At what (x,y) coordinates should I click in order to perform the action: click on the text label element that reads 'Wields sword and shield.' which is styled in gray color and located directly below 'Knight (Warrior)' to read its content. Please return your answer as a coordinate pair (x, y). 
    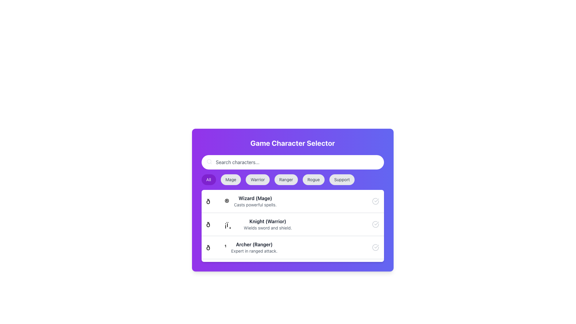
    Looking at the image, I should click on (267, 228).